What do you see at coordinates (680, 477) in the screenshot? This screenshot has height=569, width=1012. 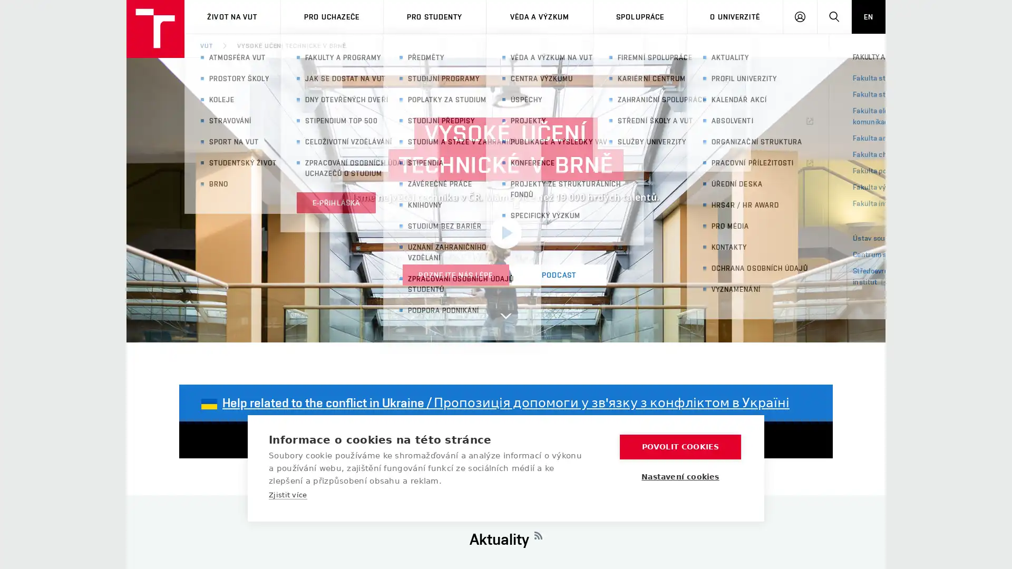 I see `Nastaveni cookies` at bounding box center [680, 477].